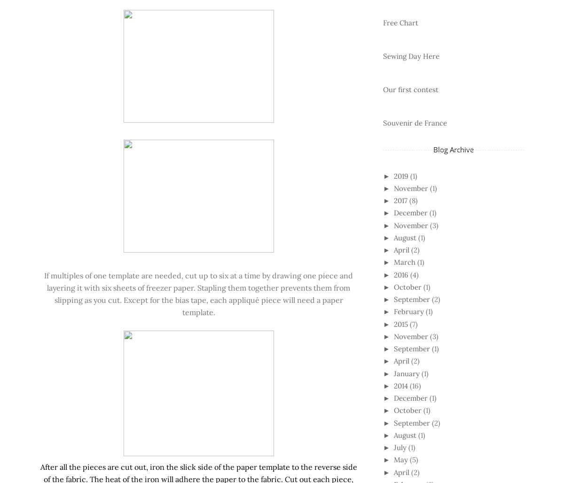 The width and height of the screenshot is (564, 483). Describe the element at coordinates (414, 274) in the screenshot. I see `'(4)'` at that location.